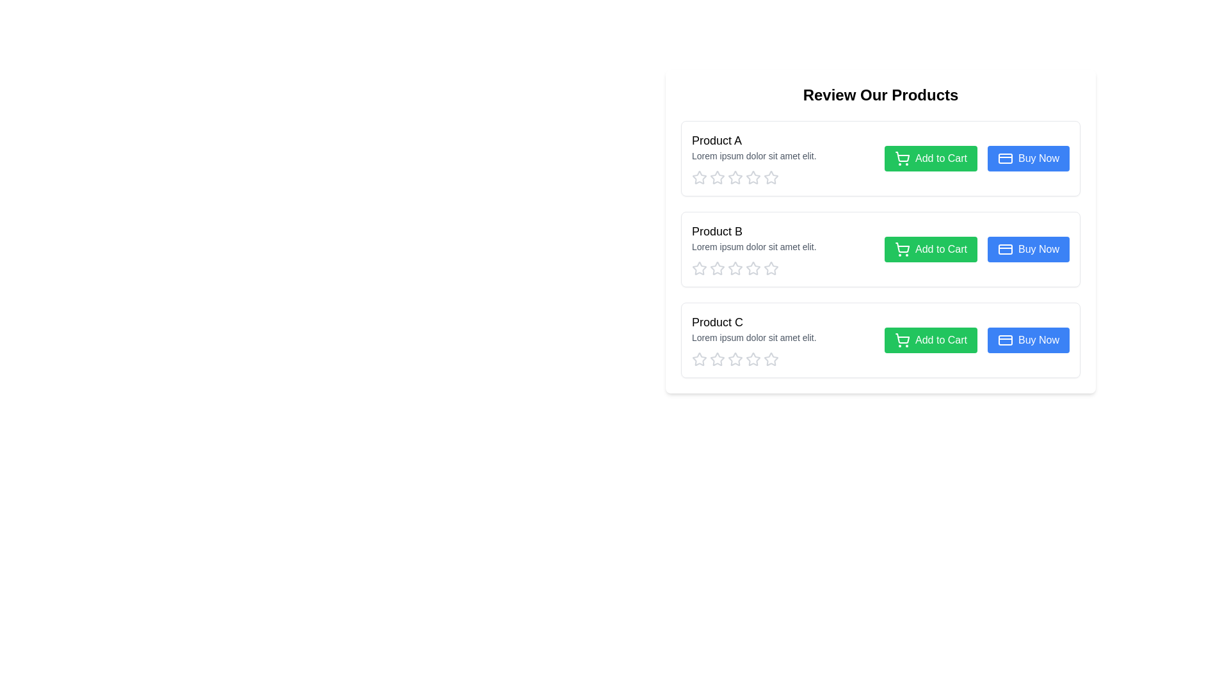 Image resolution: width=1229 pixels, height=691 pixels. What do you see at coordinates (716, 358) in the screenshot?
I see `the first rating star in the 'Review Our Products' panel for Product C` at bounding box center [716, 358].